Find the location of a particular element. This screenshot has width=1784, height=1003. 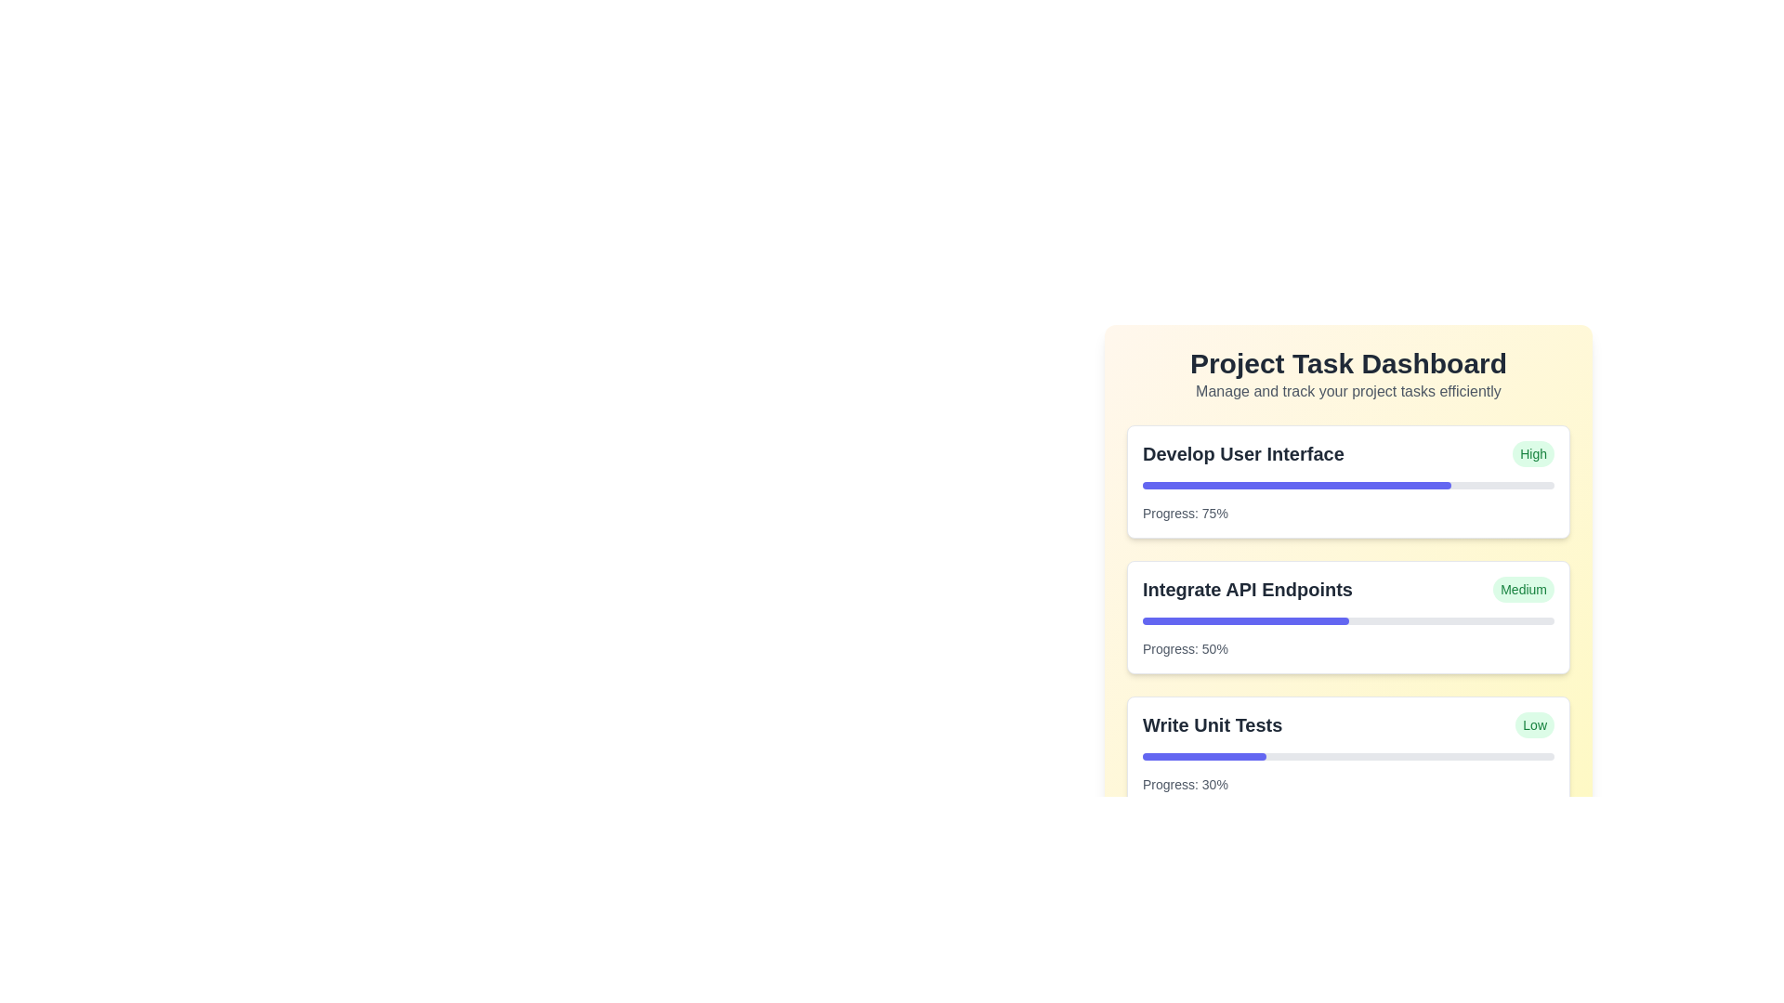

text from the high importance Label or Badge that indicates the priority level of the 'Develop User Interface' task, which is located to the right of the task title within the task list is located at coordinates (1533, 454).